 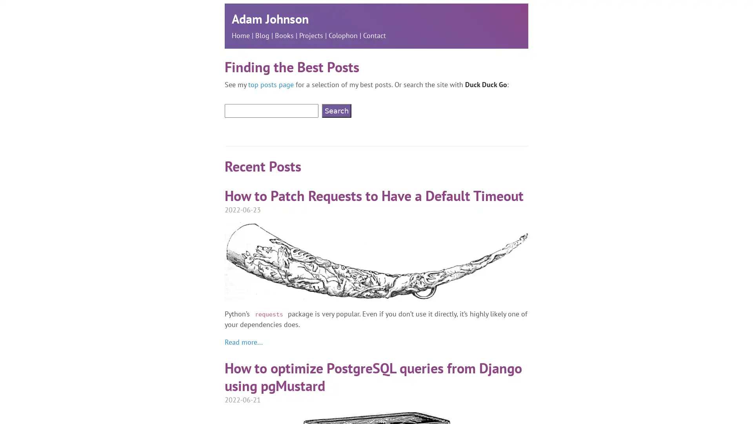 I want to click on Search, so click(x=336, y=111).